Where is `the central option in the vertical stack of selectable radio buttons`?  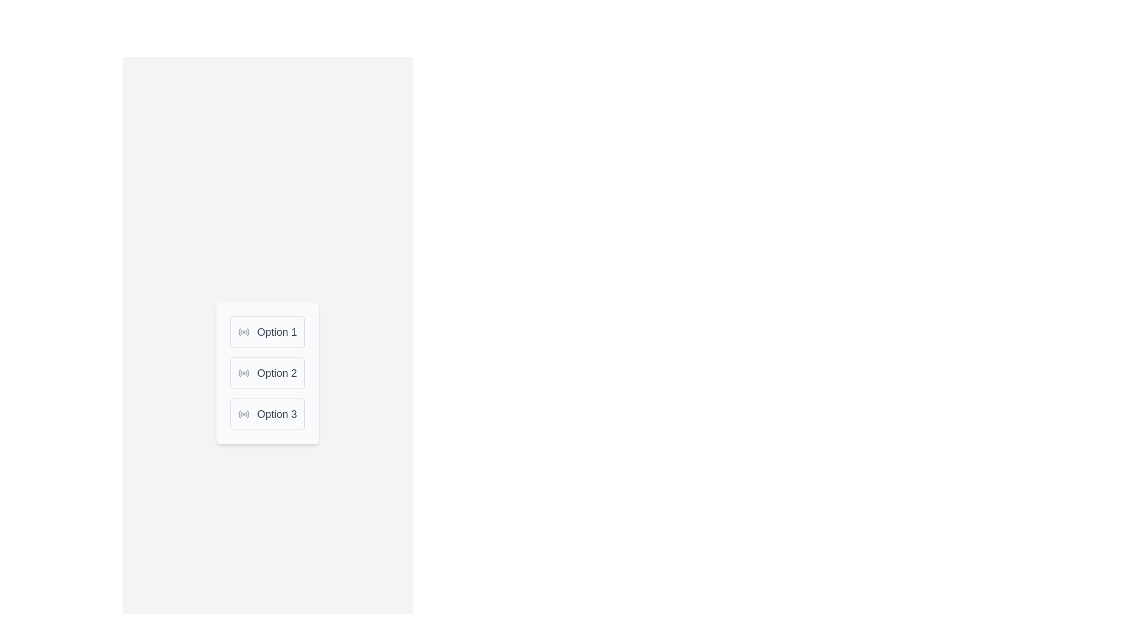
the central option in the vertical stack of selectable radio buttons is located at coordinates (267, 373).